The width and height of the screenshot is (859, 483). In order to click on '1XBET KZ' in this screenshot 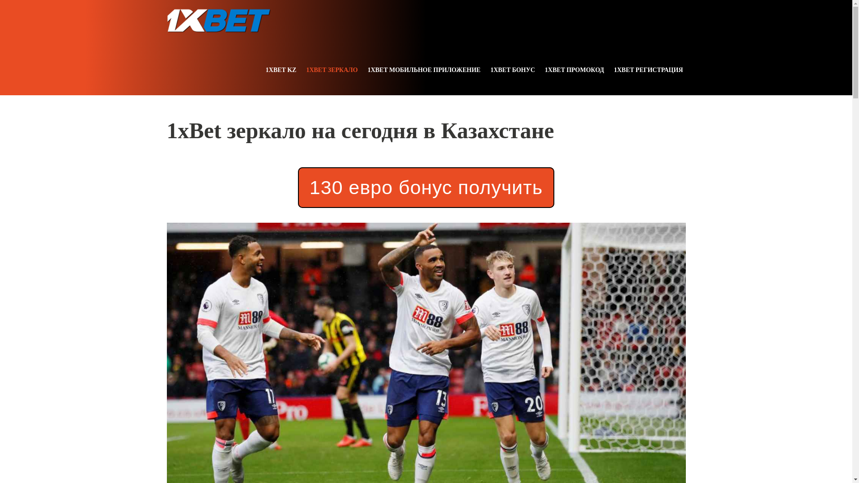, I will do `click(281, 69)`.